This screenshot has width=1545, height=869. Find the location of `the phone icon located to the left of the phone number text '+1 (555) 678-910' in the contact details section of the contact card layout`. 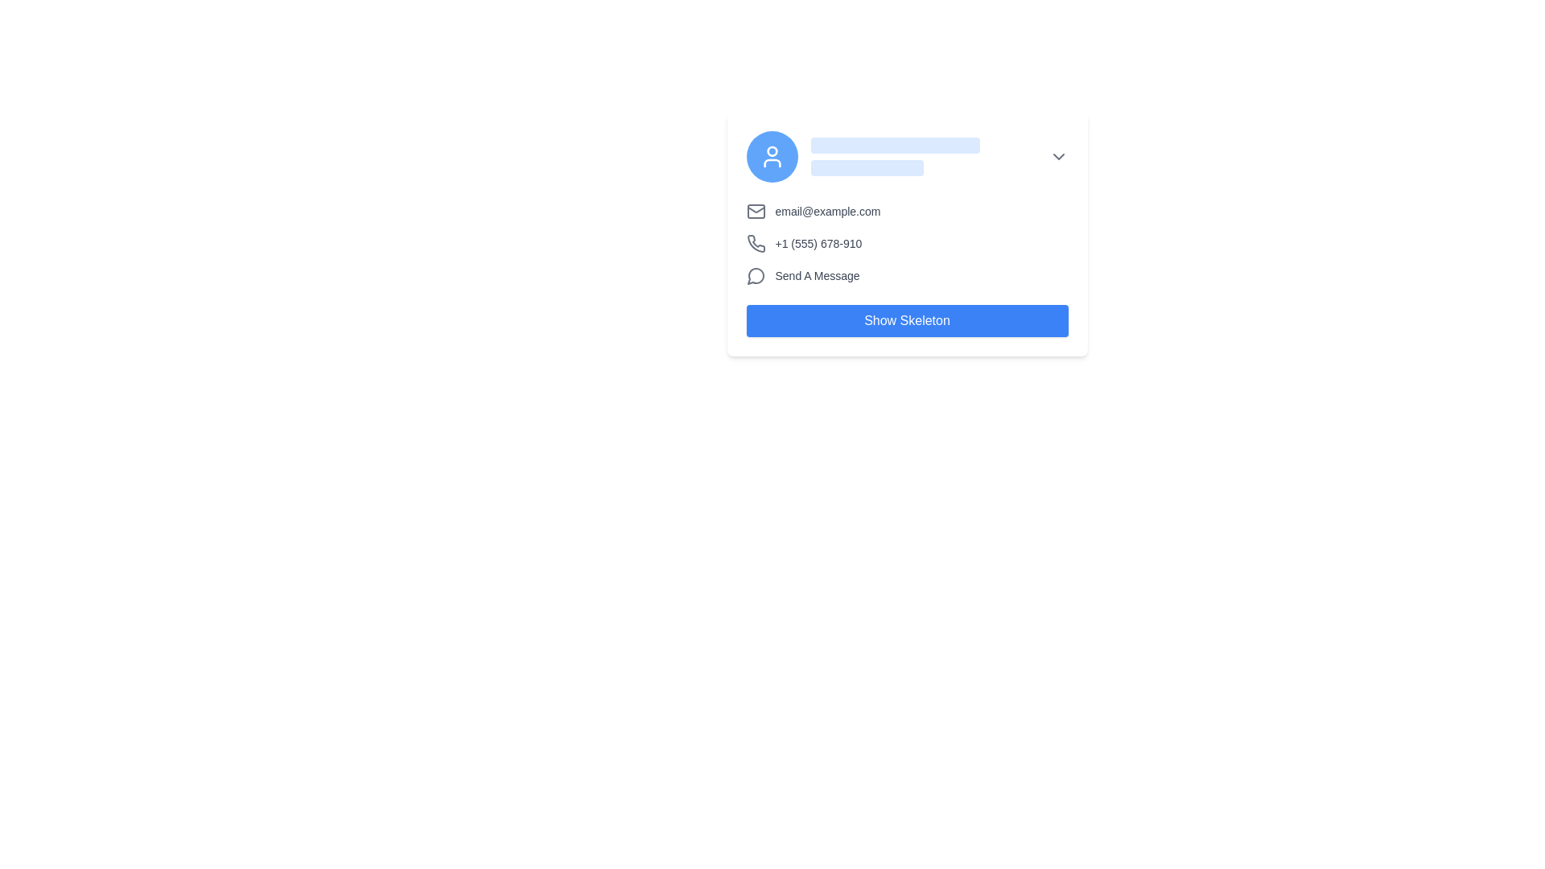

the phone icon located to the left of the phone number text '+1 (555) 678-910' in the contact details section of the contact card layout is located at coordinates (755, 244).